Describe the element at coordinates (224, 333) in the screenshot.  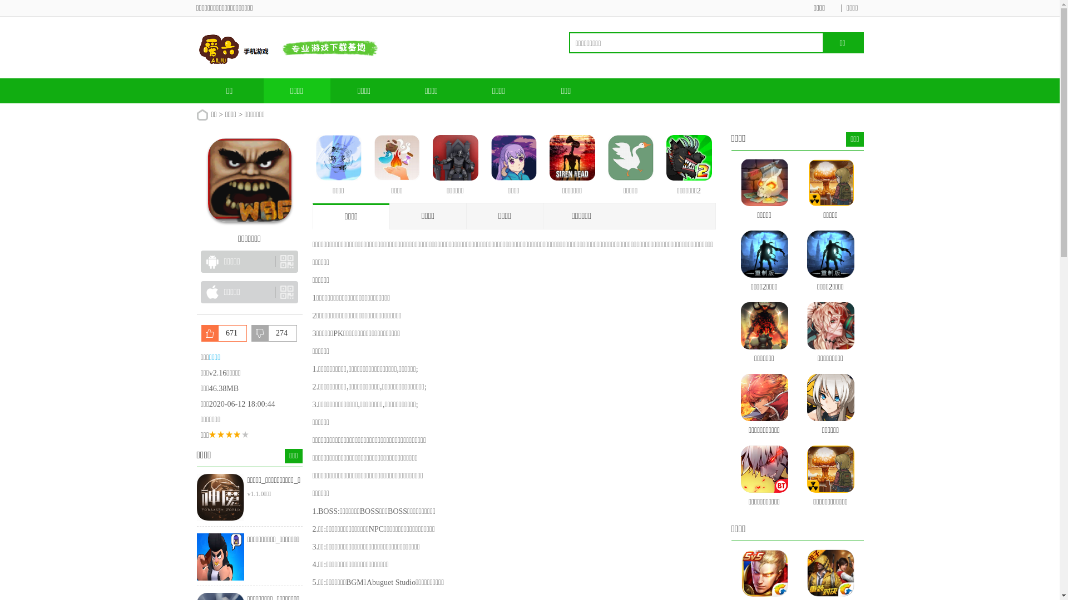
I see `'671'` at that location.